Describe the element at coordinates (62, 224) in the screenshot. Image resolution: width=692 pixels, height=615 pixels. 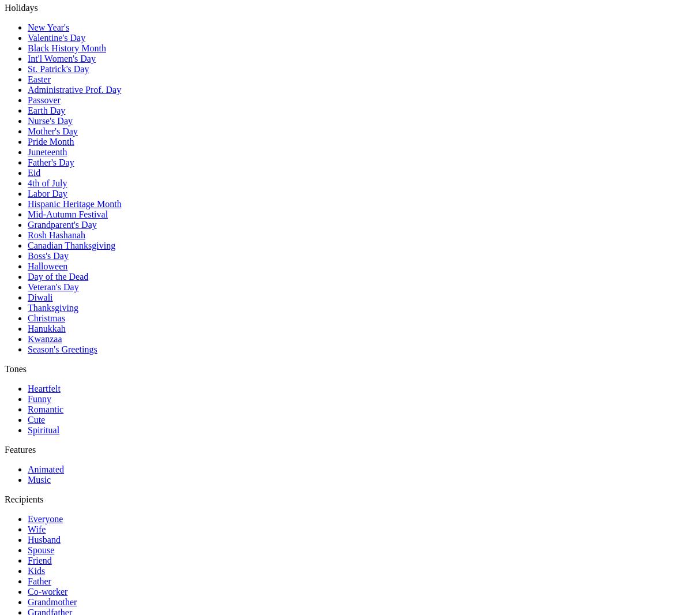
I see `'Grandparent's Day'` at that location.